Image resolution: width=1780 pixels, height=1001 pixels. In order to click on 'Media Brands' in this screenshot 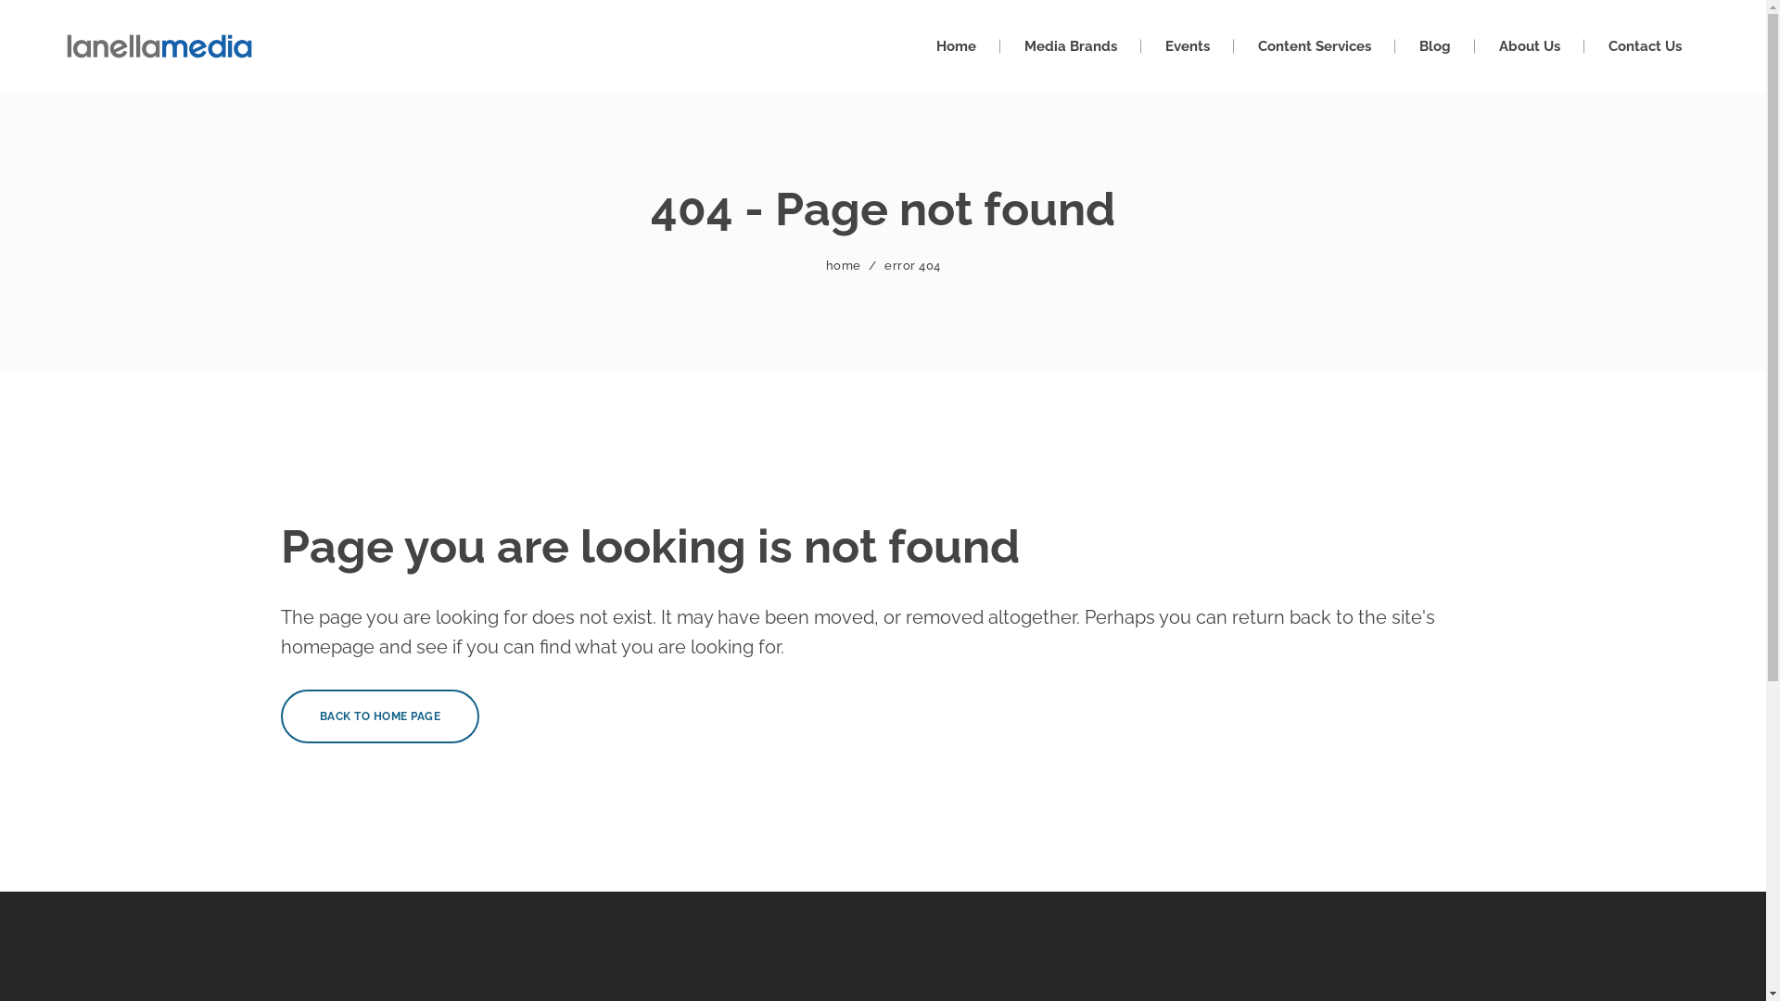, I will do `click(1071, 45)`.